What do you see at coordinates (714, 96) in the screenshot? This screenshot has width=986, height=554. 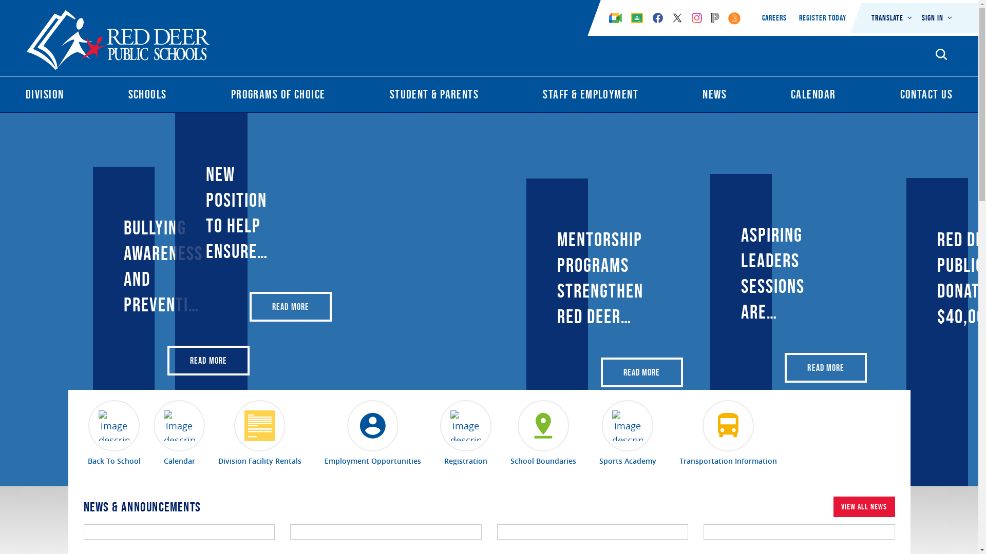 I see `'News'` at bounding box center [714, 96].